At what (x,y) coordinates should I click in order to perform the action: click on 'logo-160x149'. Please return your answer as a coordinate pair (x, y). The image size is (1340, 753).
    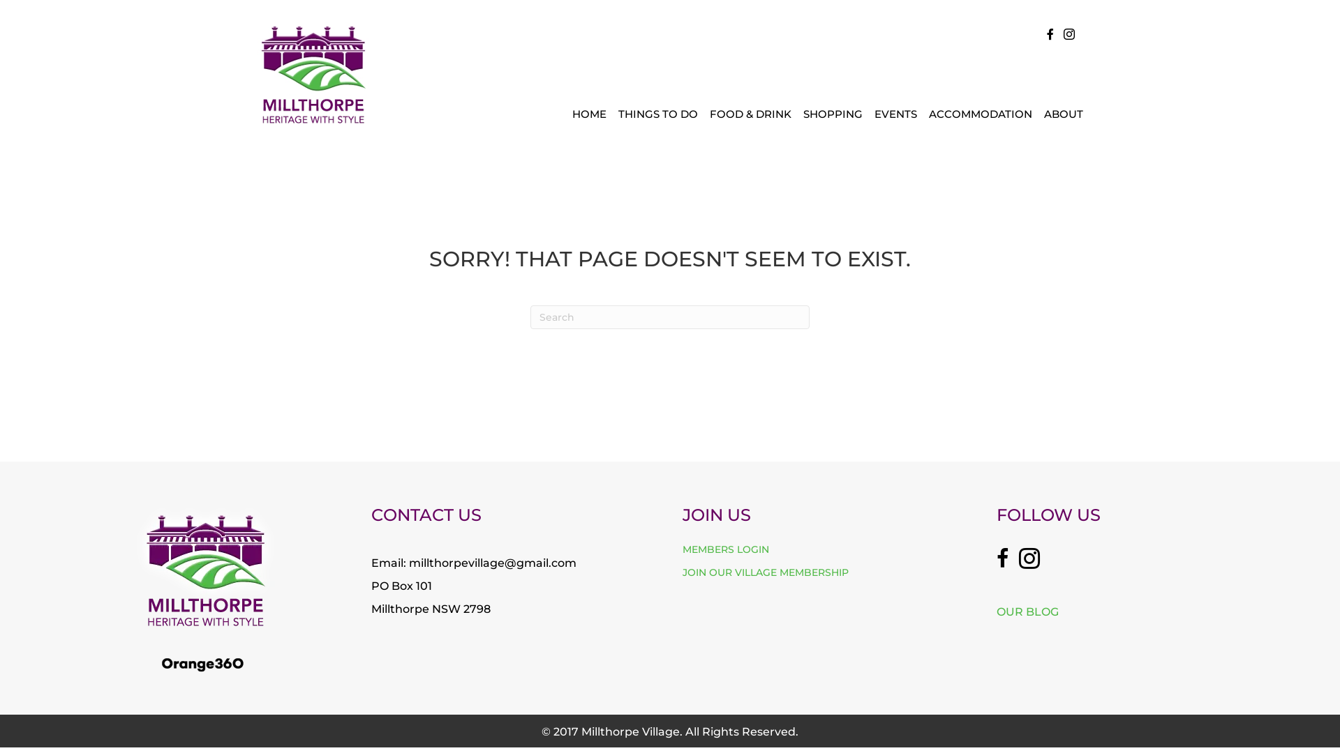
    Looking at the image, I should click on (311, 73).